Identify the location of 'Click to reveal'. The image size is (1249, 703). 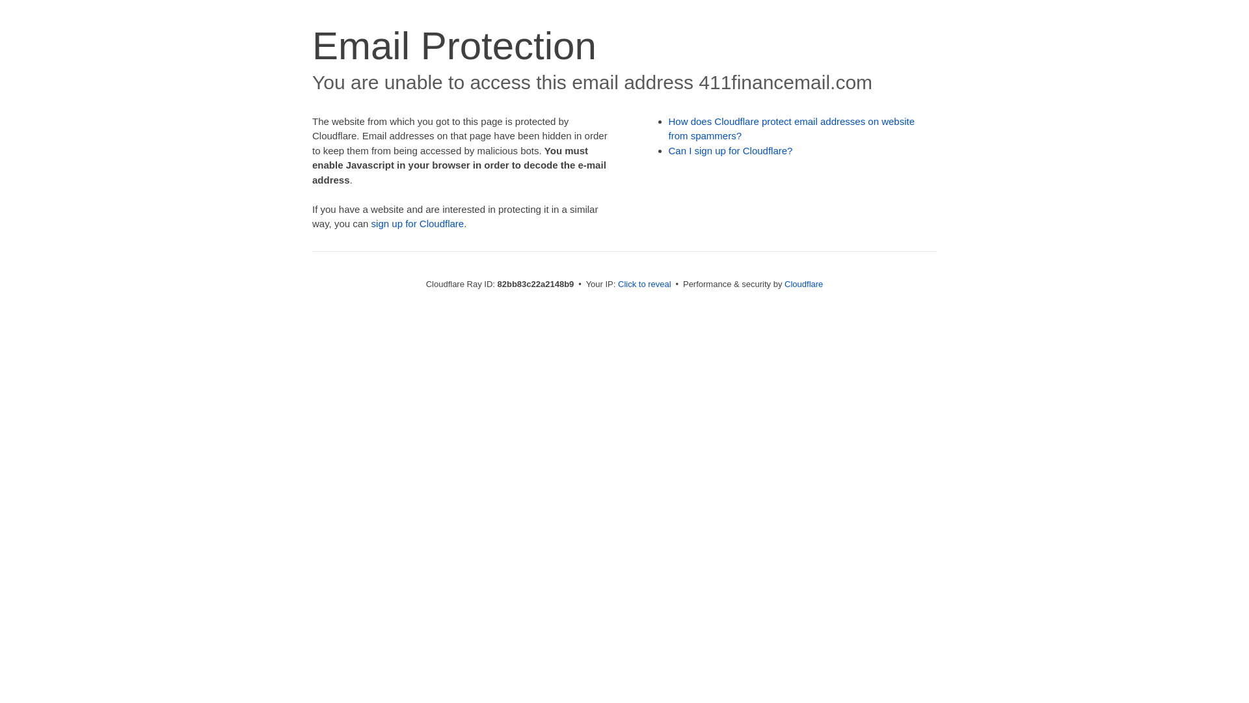
(617, 283).